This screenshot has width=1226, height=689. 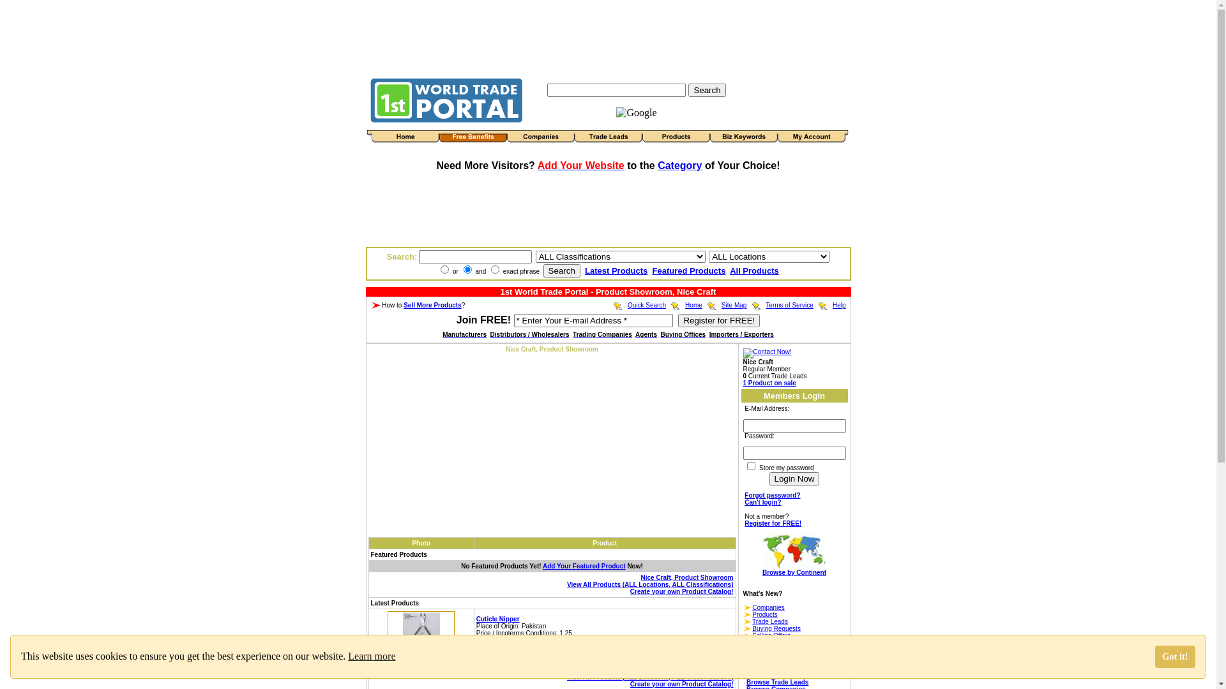 What do you see at coordinates (771, 494) in the screenshot?
I see `'Forgot password?'` at bounding box center [771, 494].